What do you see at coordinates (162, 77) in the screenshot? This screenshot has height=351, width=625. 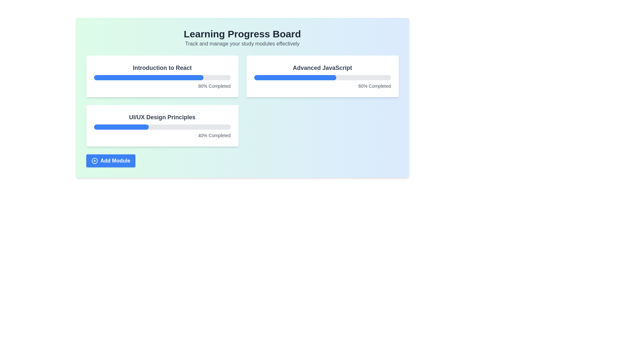 I see `the progress bar indicating the completion state of the task within the 'Introduction to React' card` at bounding box center [162, 77].